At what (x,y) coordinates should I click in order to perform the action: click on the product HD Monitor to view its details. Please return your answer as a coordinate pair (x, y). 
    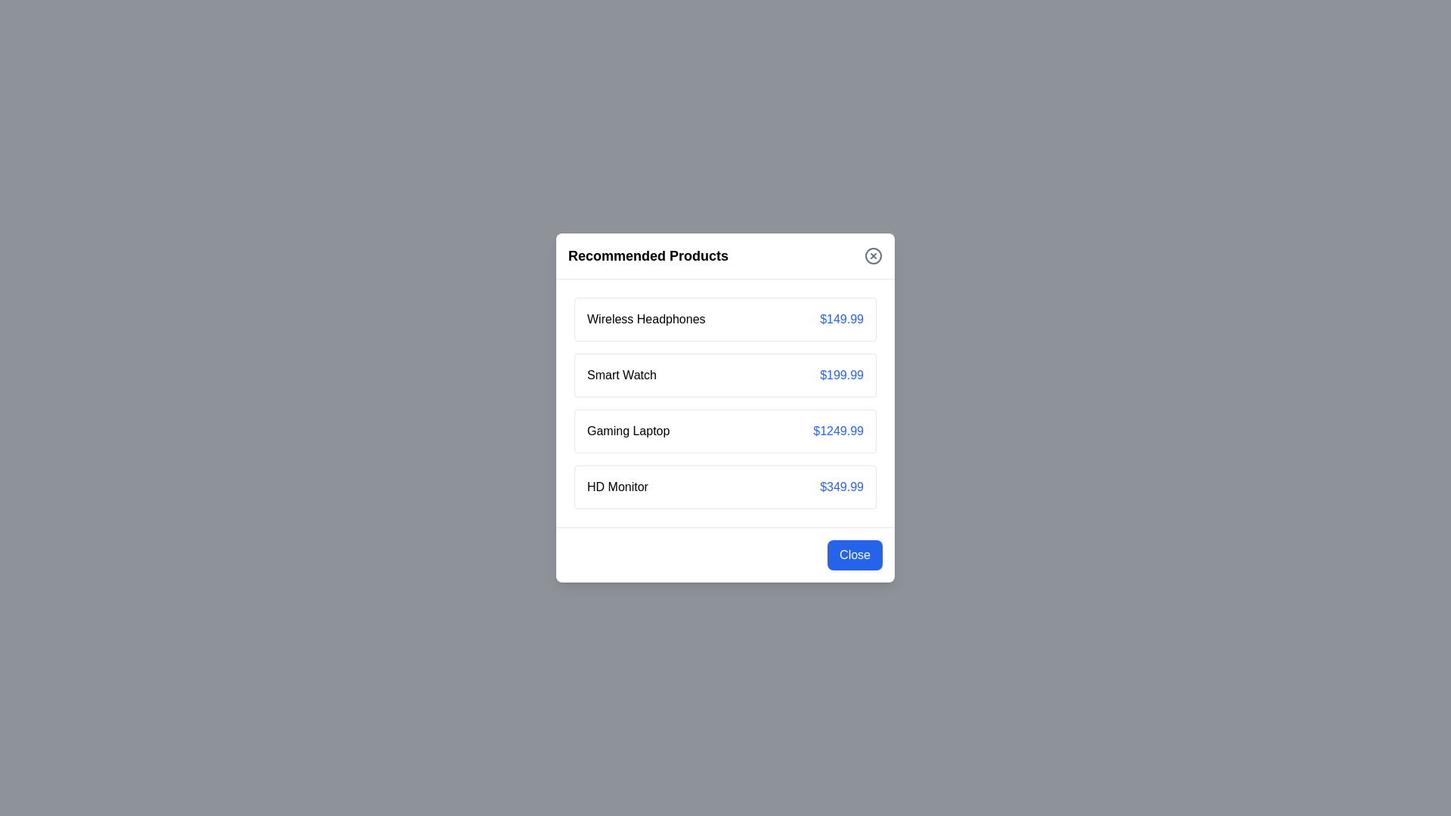
    Looking at the image, I should click on (617, 487).